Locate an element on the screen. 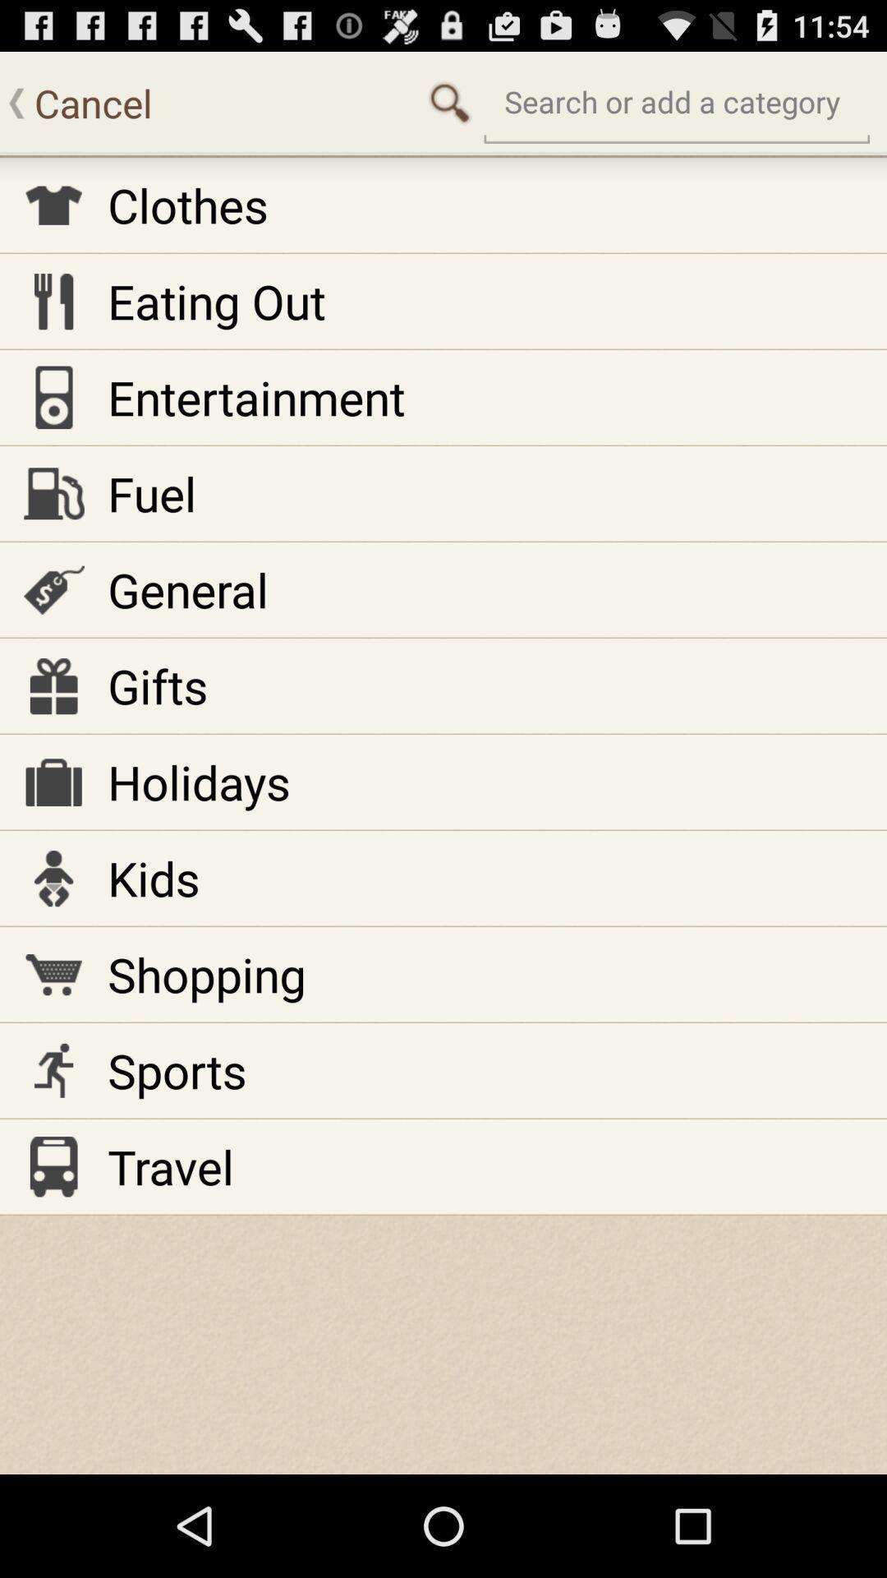 The width and height of the screenshot is (887, 1578). the clothes icon is located at coordinates (187, 204).